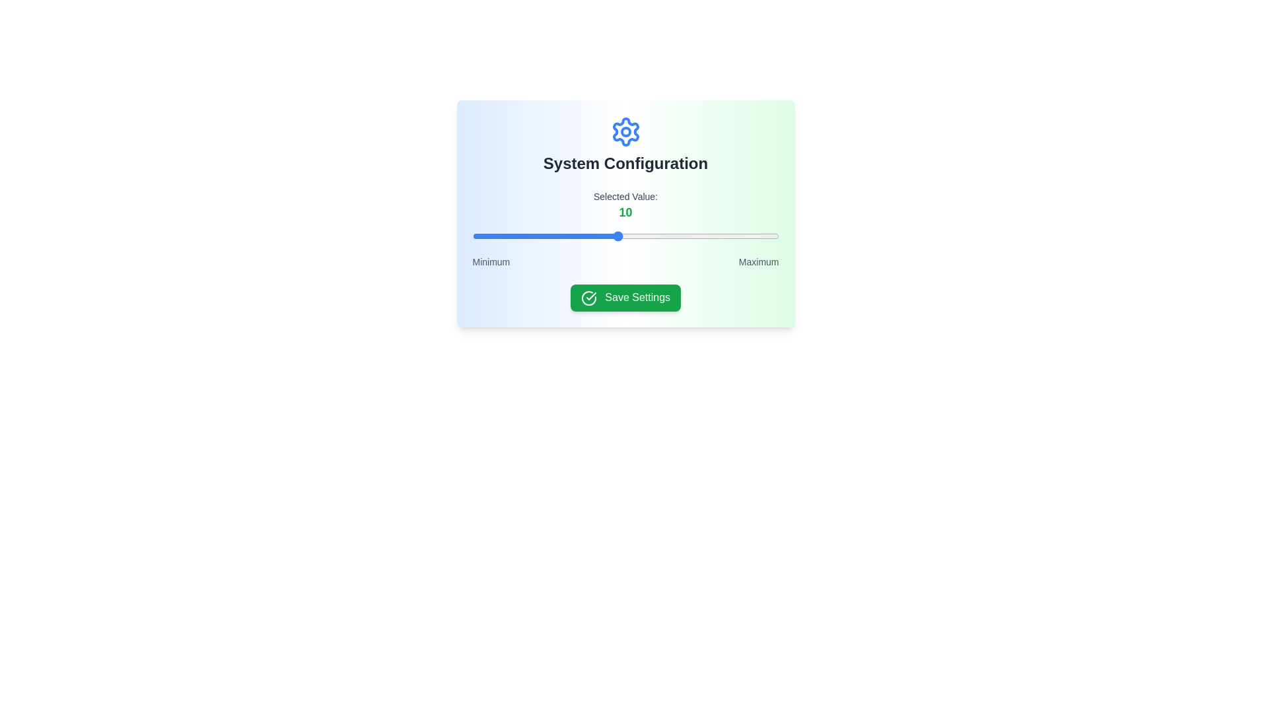 This screenshot has width=1268, height=713. Describe the element at coordinates (553, 236) in the screenshot. I see `the slider to set the value to 6` at that location.